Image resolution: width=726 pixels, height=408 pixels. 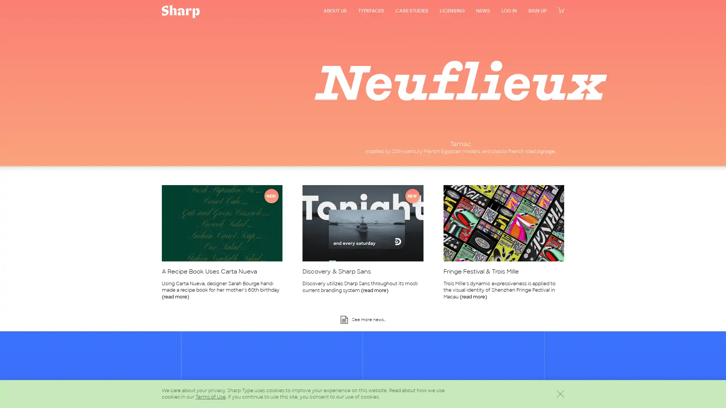 I want to click on Dismiss, so click(x=560, y=393).